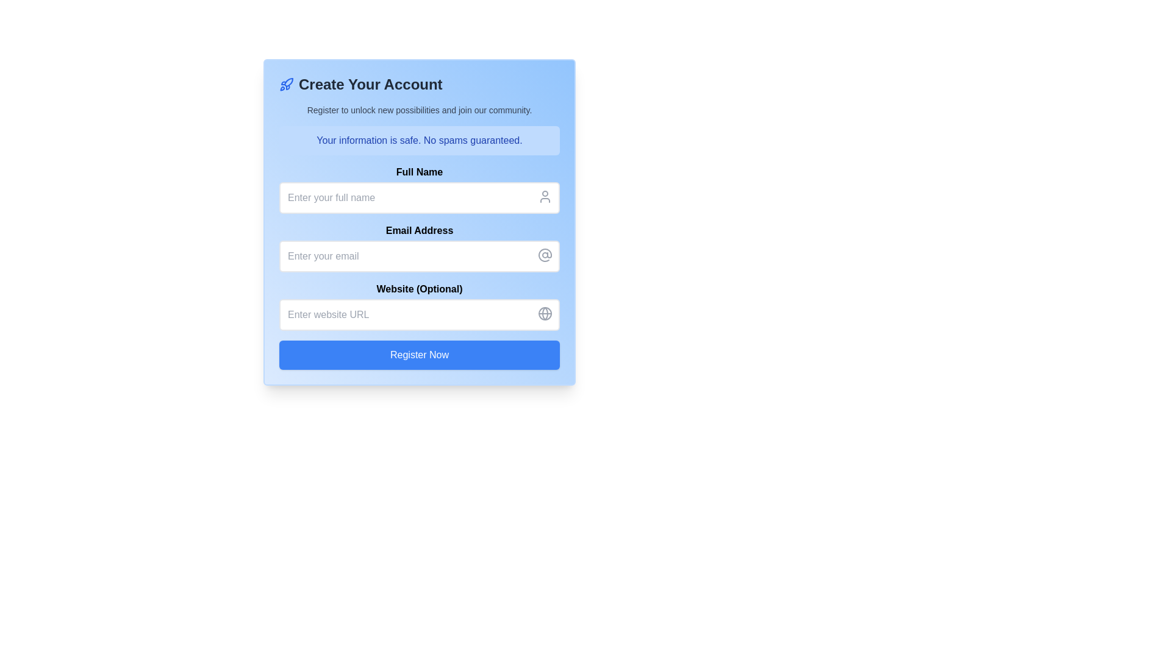 The height and width of the screenshot is (658, 1171). What do you see at coordinates (419, 172) in the screenshot?
I see `the 'Full Name' label, which is a bold text label positioned above the text input field for the user's full name in the registration form` at bounding box center [419, 172].